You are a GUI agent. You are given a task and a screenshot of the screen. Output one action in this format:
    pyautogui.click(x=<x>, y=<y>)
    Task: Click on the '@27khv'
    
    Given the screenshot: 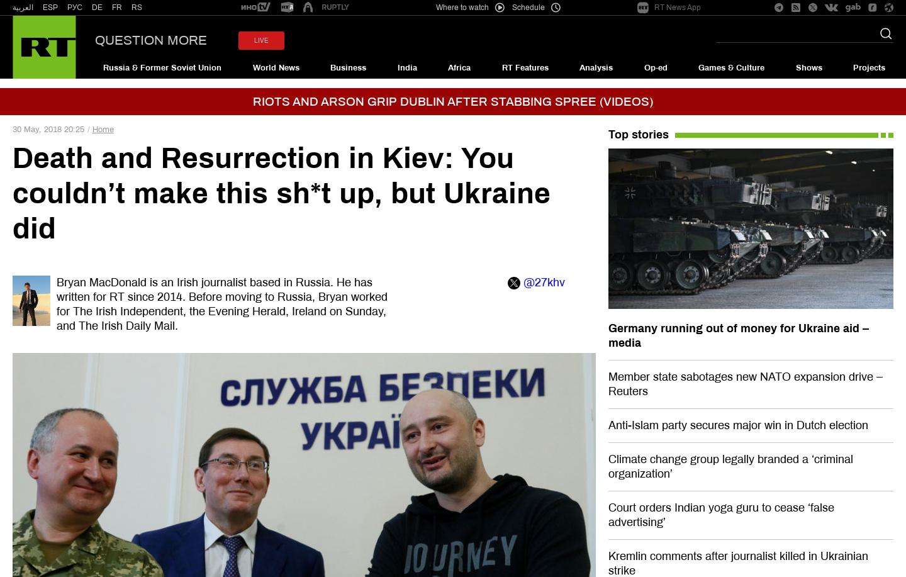 What is the action you would take?
    pyautogui.click(x=523, y=282)
    